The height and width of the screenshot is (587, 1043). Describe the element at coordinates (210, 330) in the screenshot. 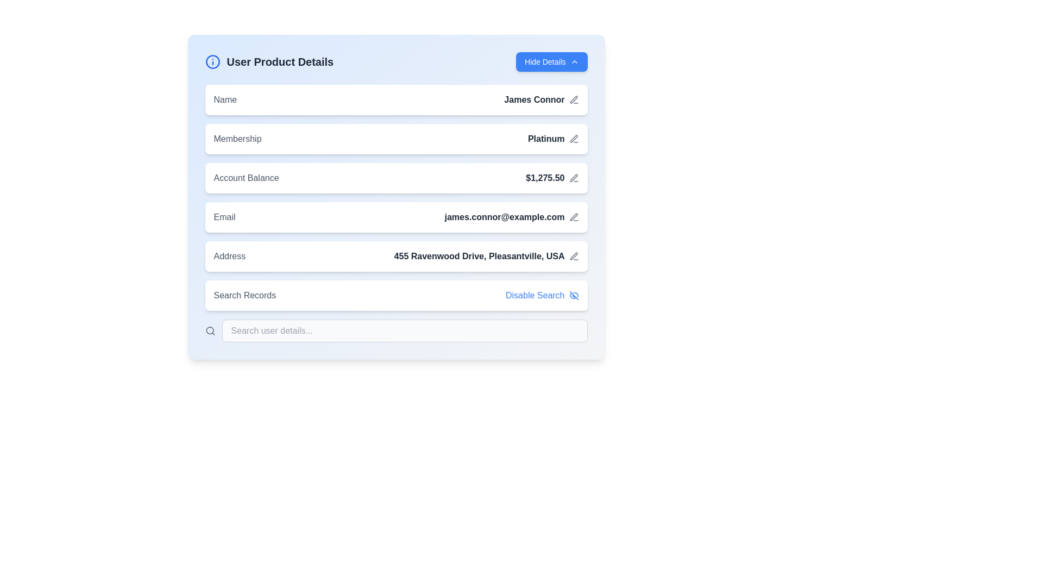

I see `the gray magnifying glass icon that indicates search functionality, positioned to the left of the 'Search user details...' input field` at that location.